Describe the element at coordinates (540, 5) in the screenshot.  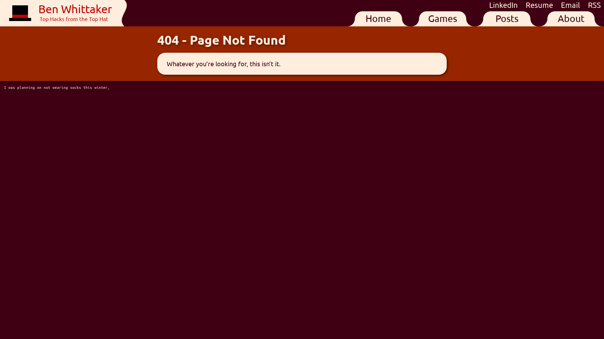
I see `'Resume'` at that location.